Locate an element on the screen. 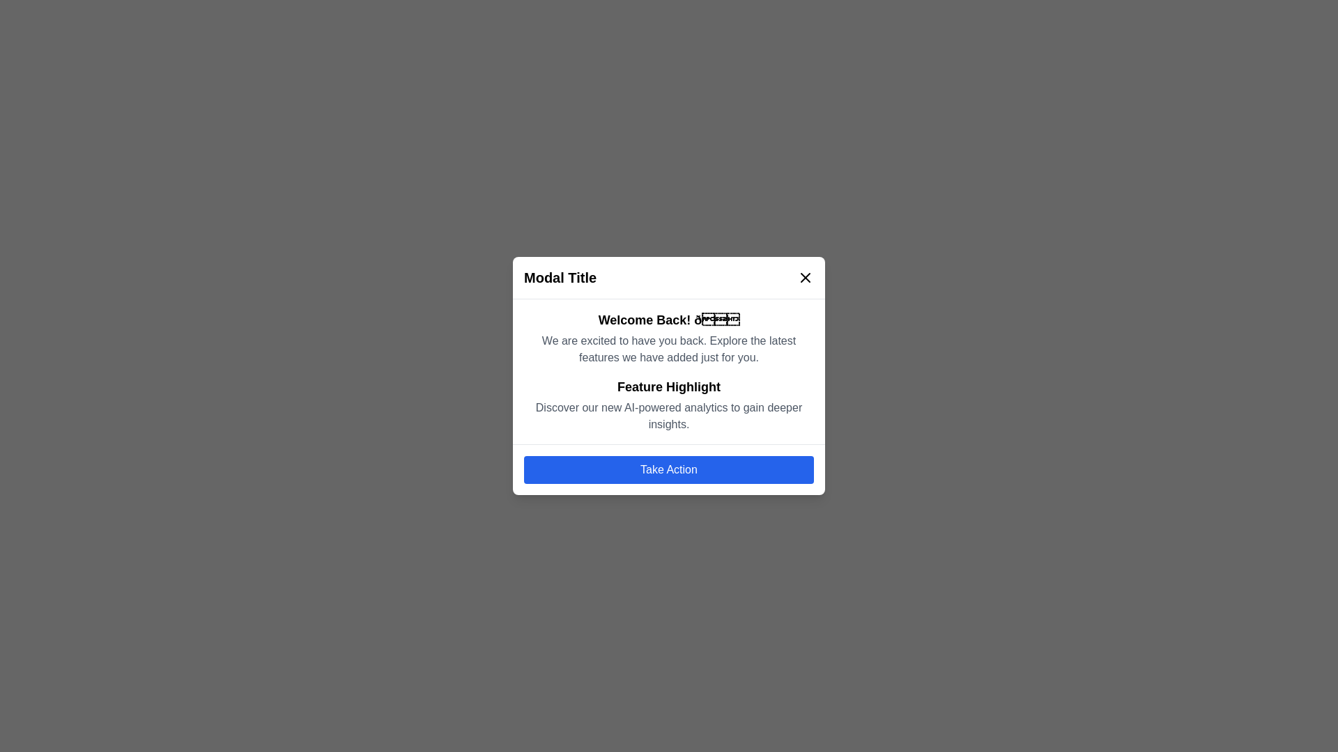  text from the upper text block that starts with 'Welcome Back!' and contains a message inviting the user back while highlighting new features is located at coordinates (669, 338).